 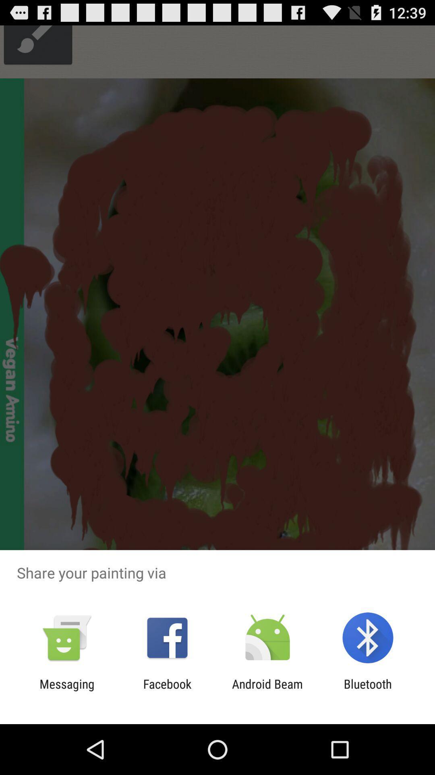 I want to click on icon next to bluetooth app, so click(x=267, y=691).